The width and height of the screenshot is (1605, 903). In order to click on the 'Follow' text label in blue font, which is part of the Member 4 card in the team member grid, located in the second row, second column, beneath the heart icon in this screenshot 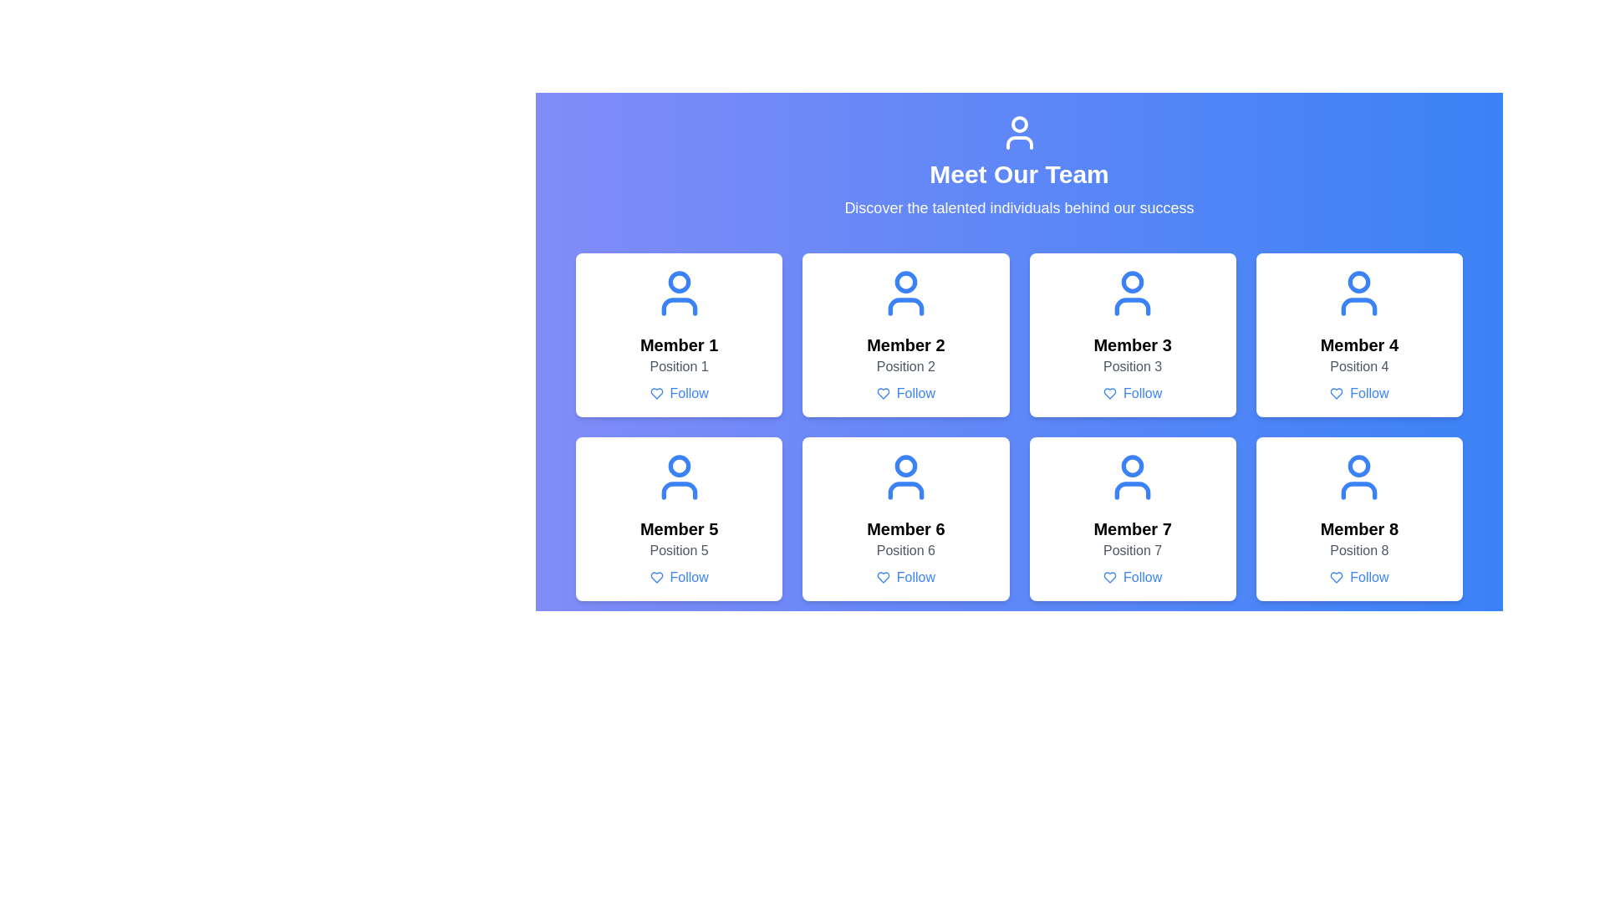, I will do `click(1369, 393)`.